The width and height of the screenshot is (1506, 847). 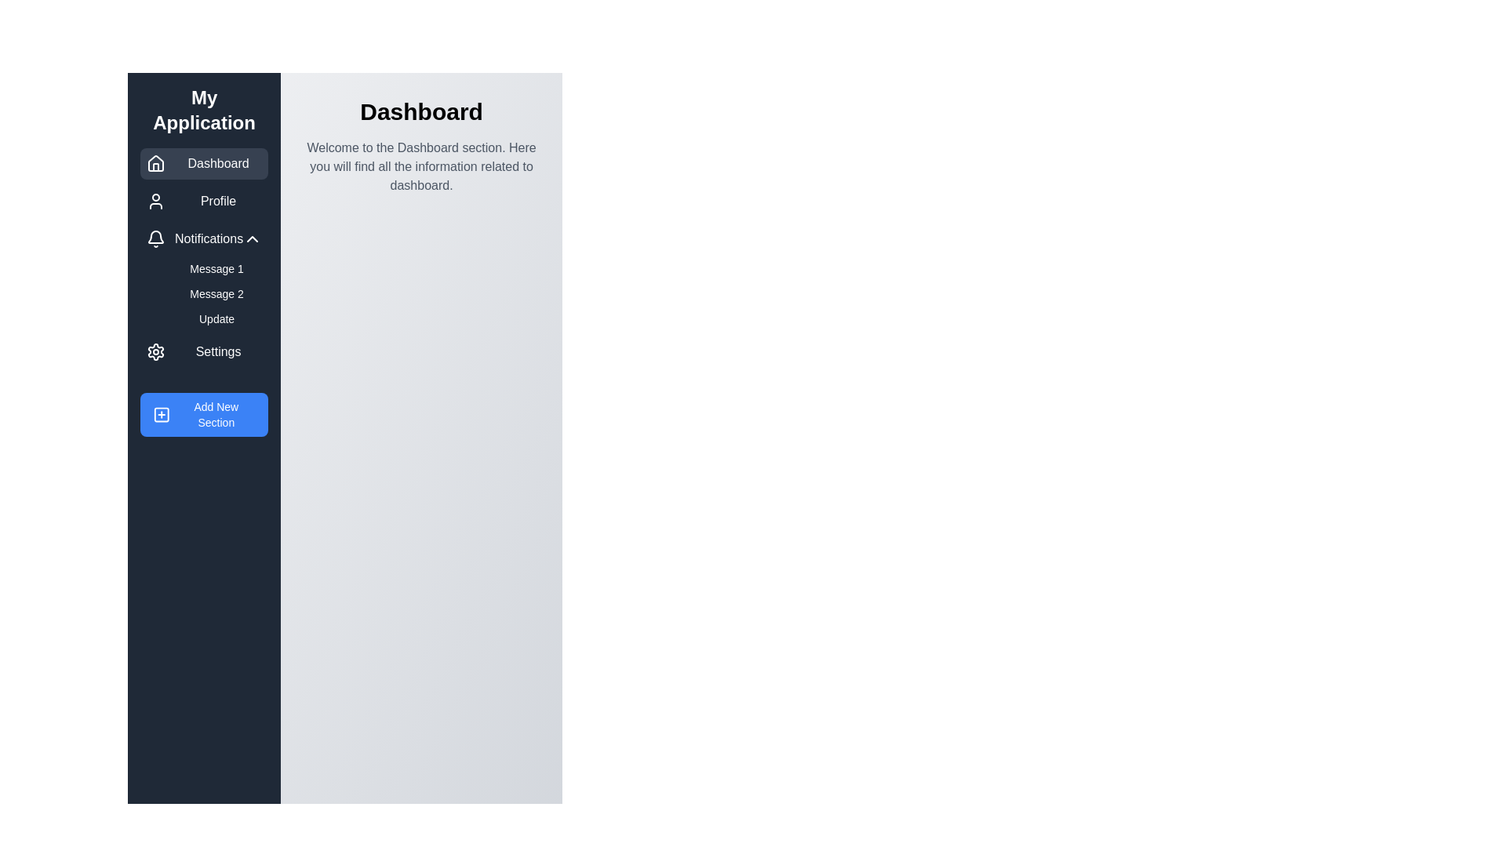 What do you see at coordinates (217, 201) in the screenshot?
I see `the 'Profile' text label in the blue sidebar, which is styled in white font and is the second item in the vertical menu list` at bounding box center [217, 201].